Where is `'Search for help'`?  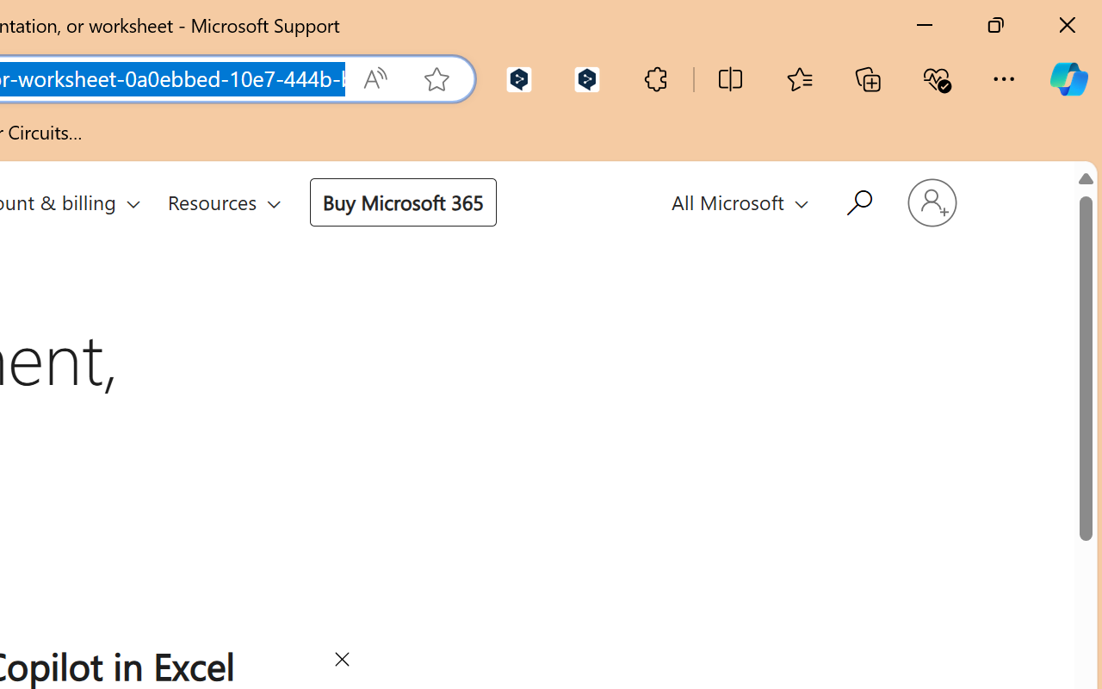
'Search for help' is located at coordinates (857, 200).